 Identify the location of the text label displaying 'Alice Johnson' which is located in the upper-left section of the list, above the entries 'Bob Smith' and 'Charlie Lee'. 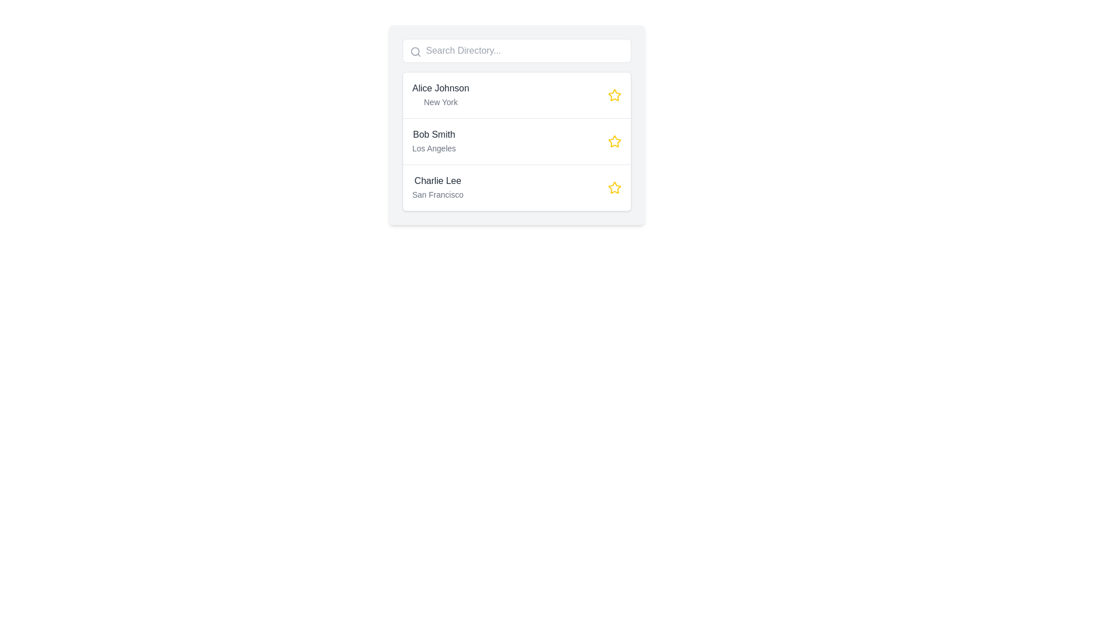
(440, 87).